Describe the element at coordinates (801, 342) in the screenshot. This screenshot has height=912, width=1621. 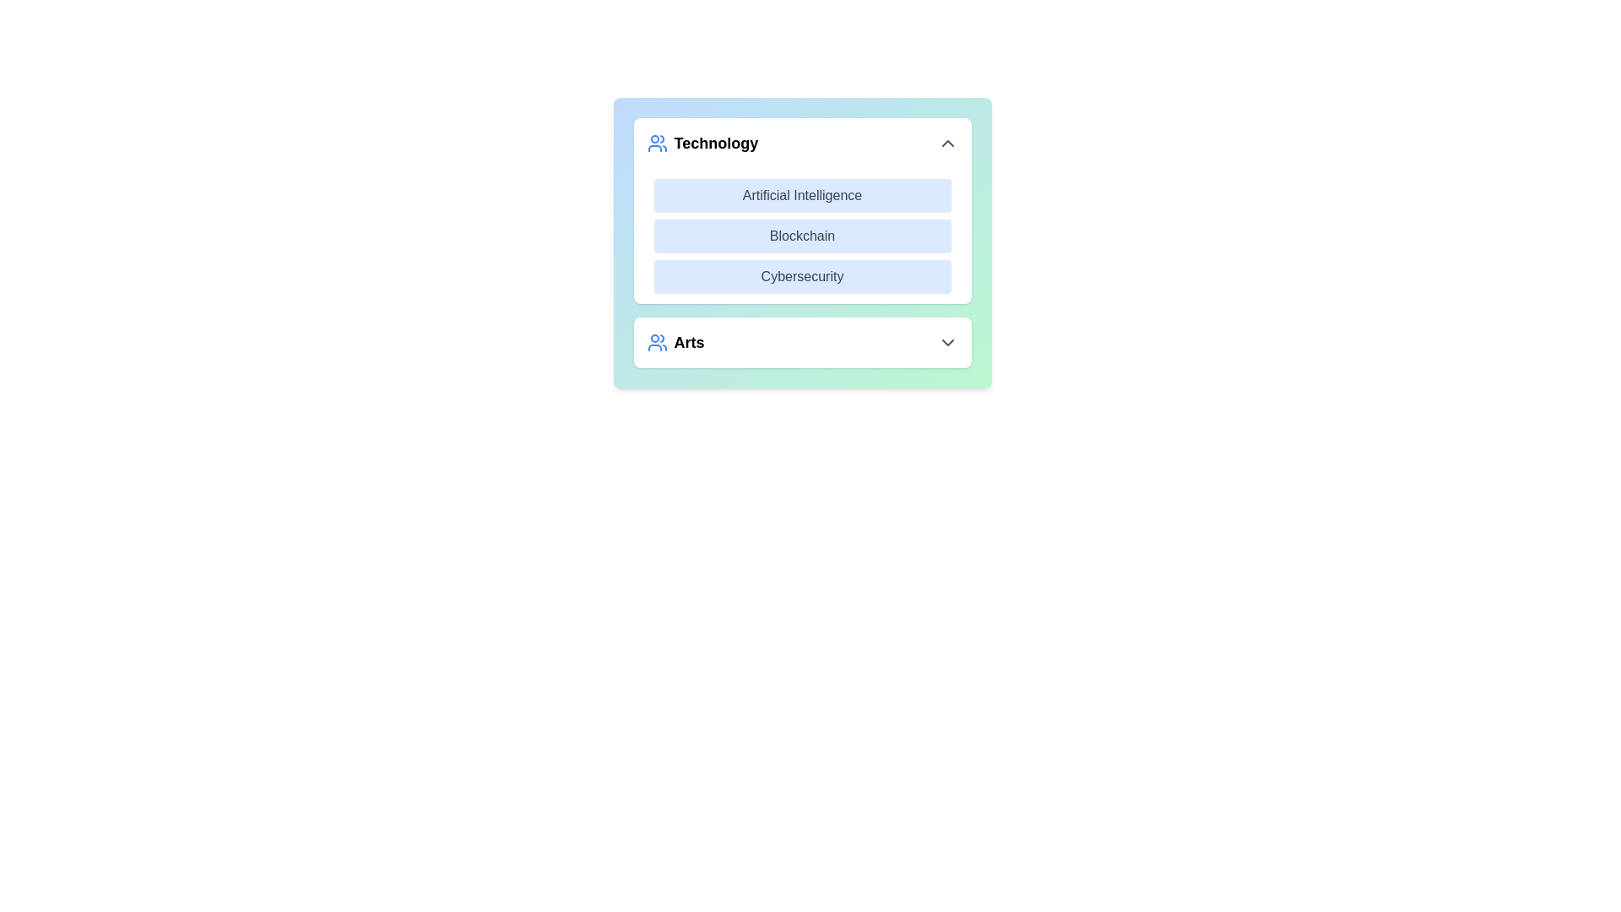
I see `the item Arts in the list to observe the hover effect` at that location.